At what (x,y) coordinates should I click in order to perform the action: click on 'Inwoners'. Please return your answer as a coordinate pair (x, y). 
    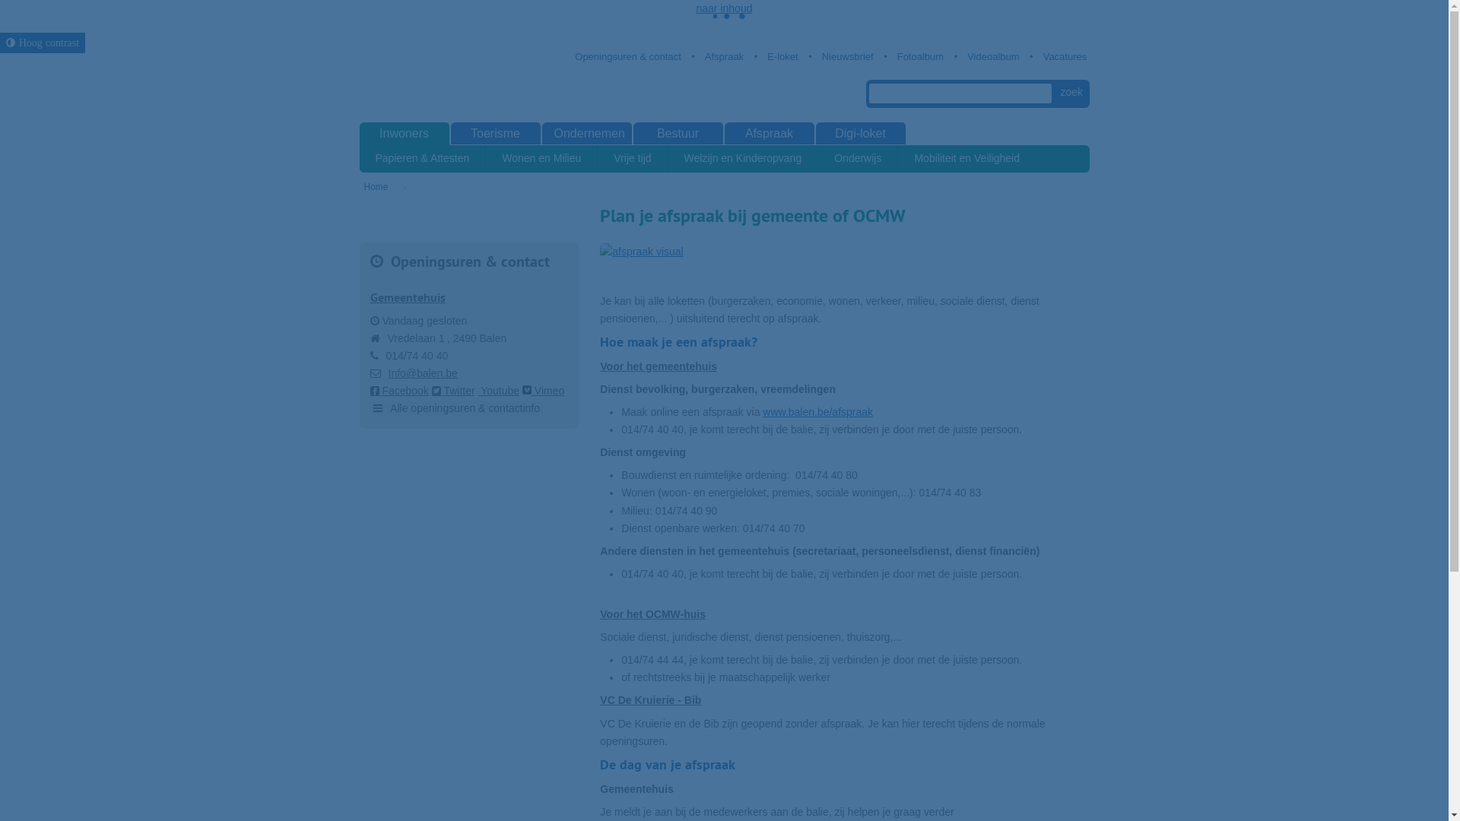
    Looking at the image, I should click on (405, 133).